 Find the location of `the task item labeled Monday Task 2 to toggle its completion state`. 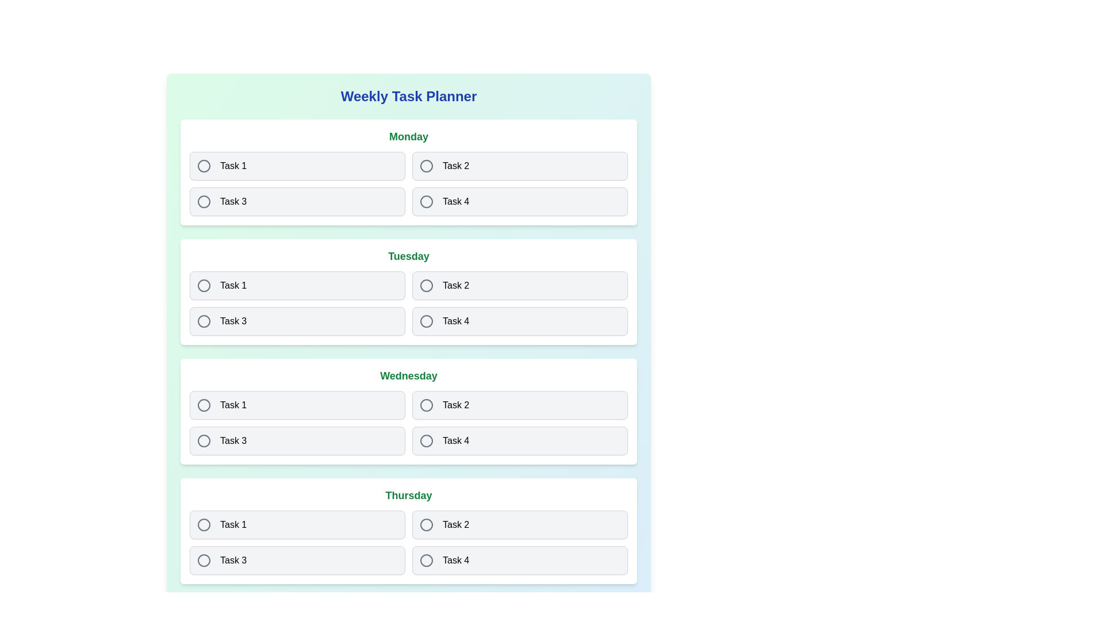

the task item labeled Monday Task 2 to toggle its completion state is located at coordinates (519, 166).